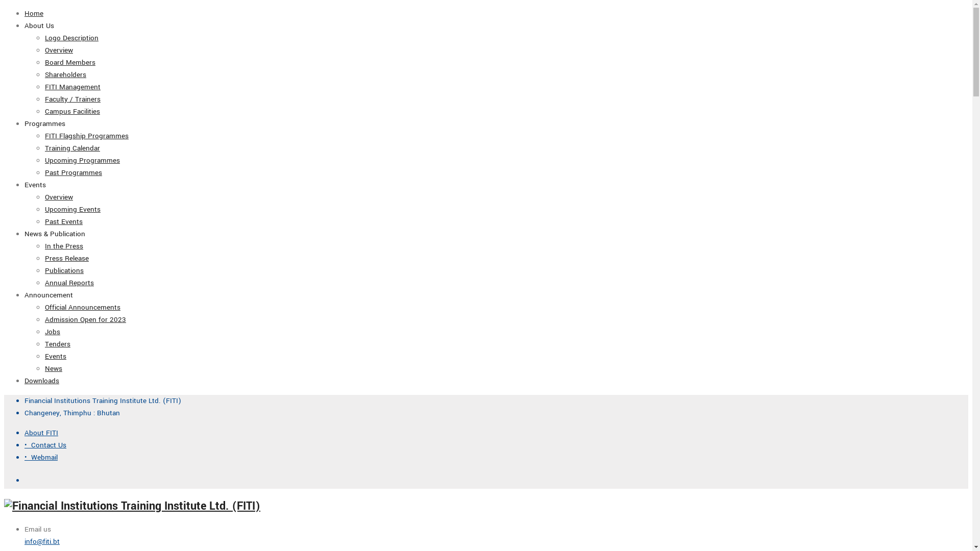 The image size is (980, 551). Describe the element at coordinates (44, 135) in the screenshot. I see `'FITI Flagship Programmes'` at that location.